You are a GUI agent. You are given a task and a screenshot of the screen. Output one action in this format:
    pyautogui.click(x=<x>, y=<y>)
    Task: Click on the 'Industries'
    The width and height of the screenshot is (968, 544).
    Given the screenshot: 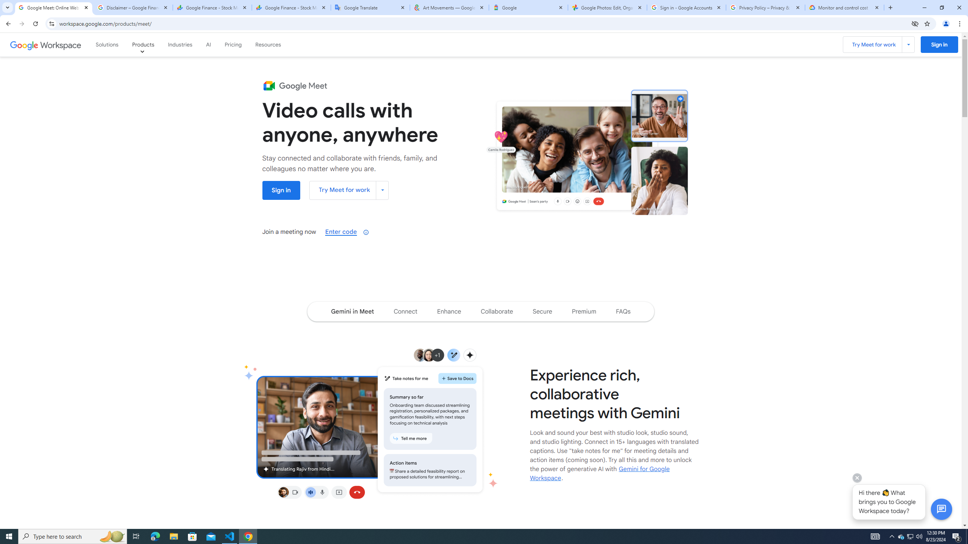 What is the action you would take?
    pyautogui.click(x=180, y=45)
    